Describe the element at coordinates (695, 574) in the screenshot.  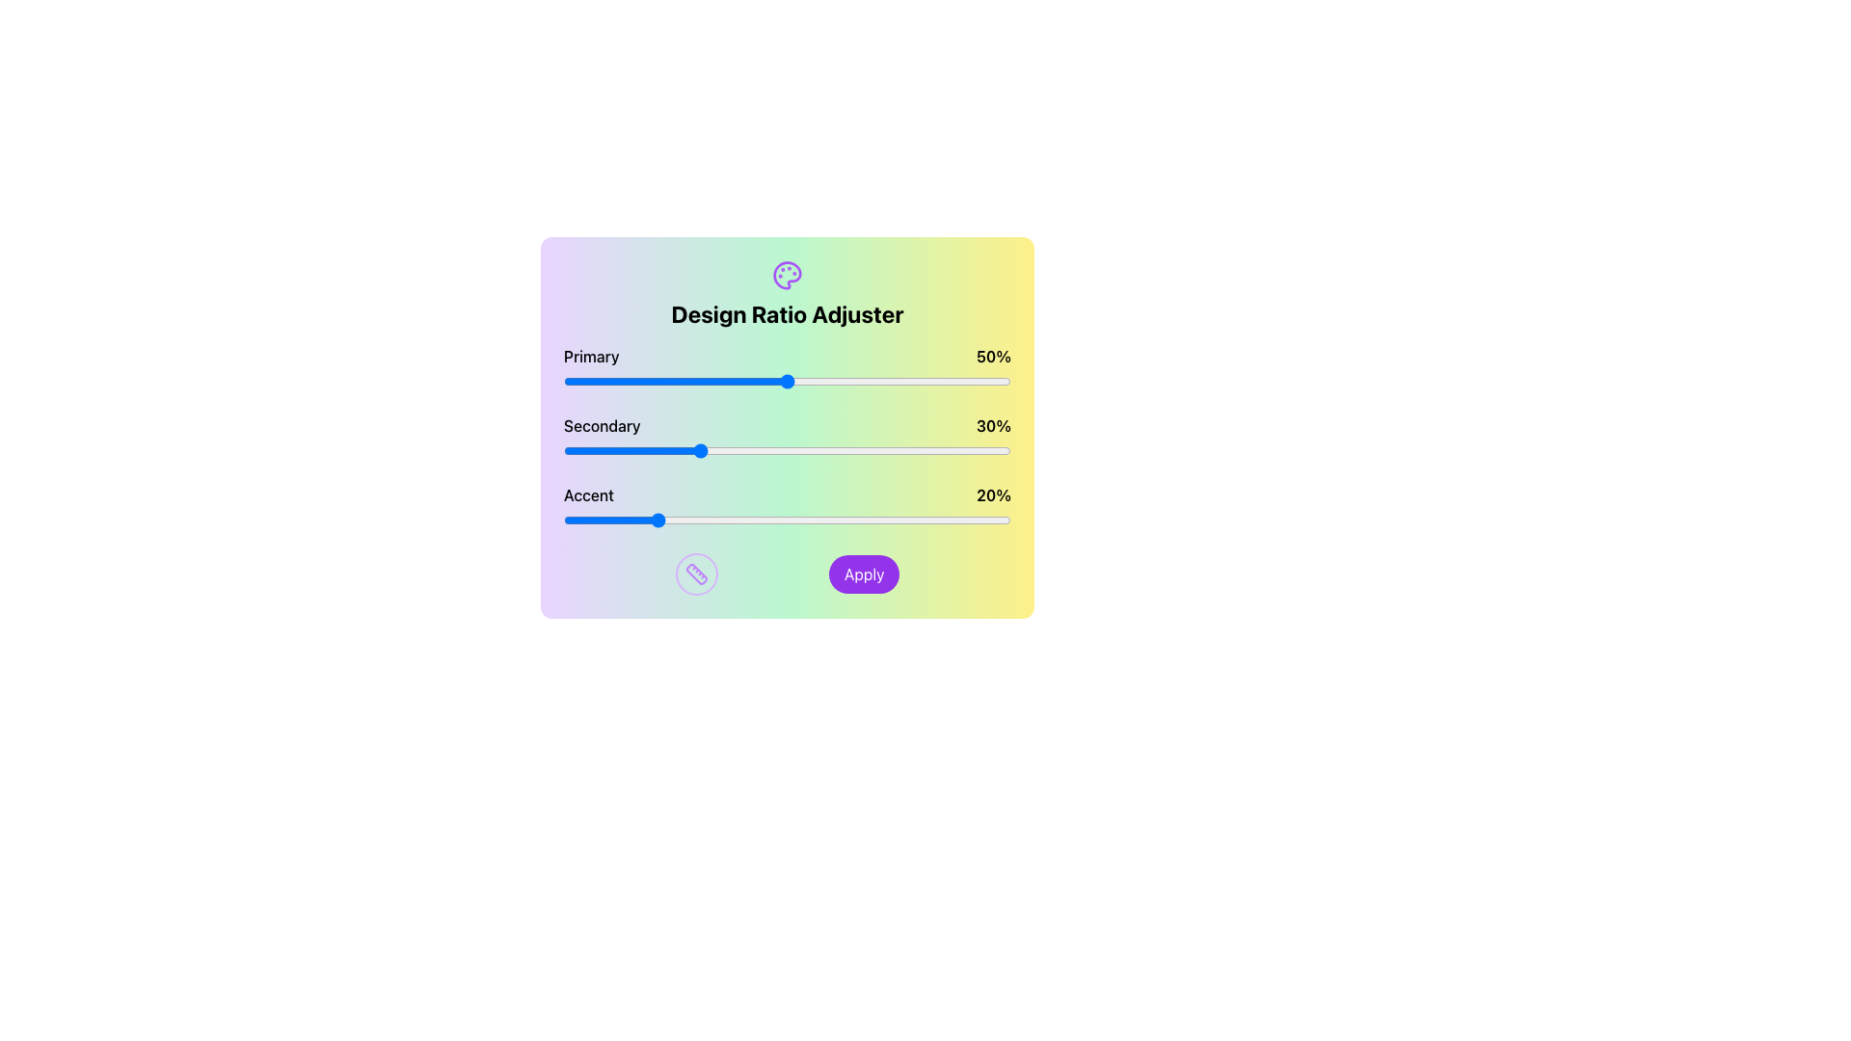
I see `the measurement tool icon, which is part of a graphical icon resembling a ruler, located beneath the color sliders and to the left of the 'Apply' button` at that location.